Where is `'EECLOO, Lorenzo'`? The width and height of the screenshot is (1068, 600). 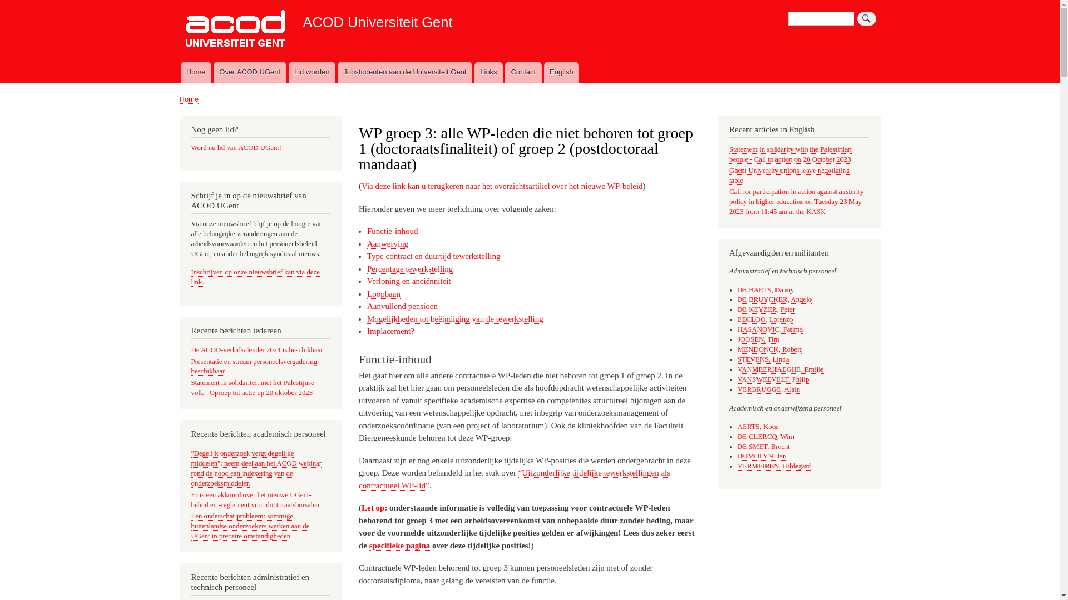 'EECLOO, Lorenzo' is located at coordinates (764, 319).